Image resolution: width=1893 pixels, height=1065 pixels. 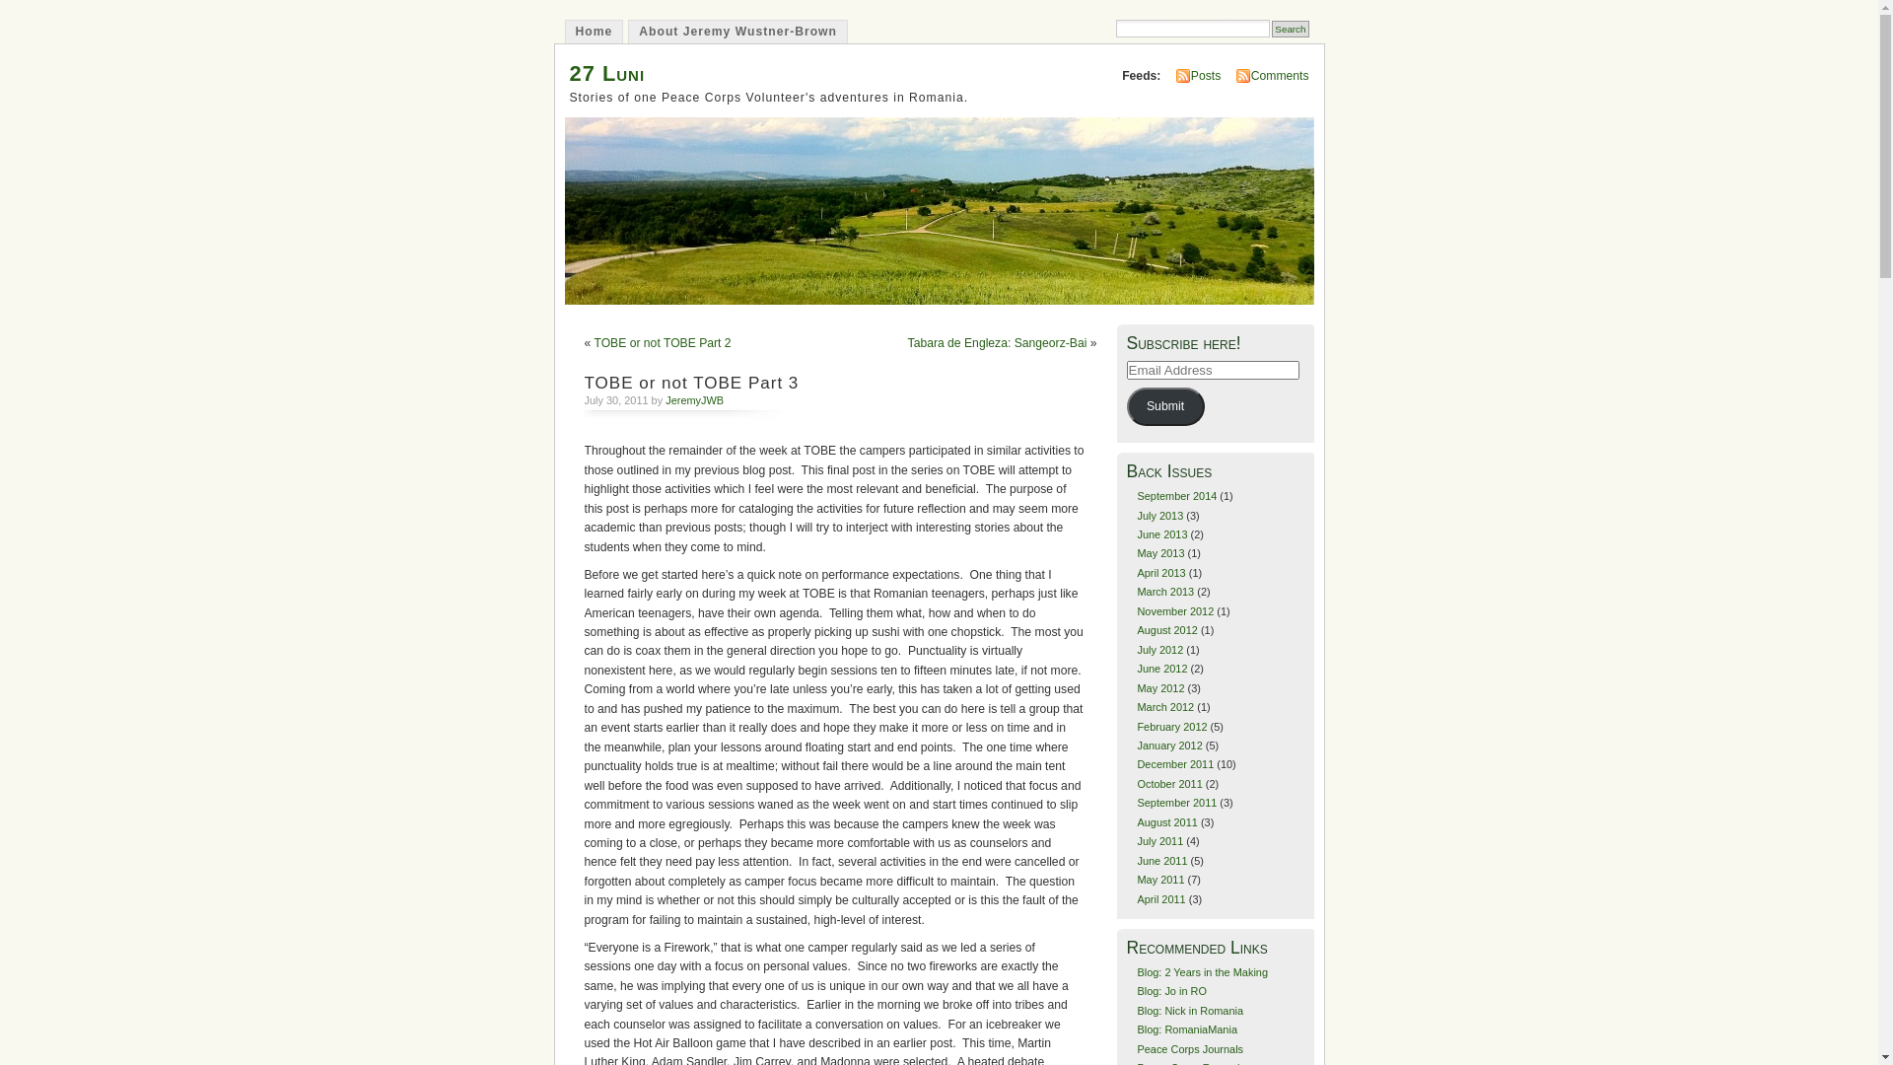 What do you see at coordinates (1201, 971) in the screenshot?
I see `'Blog: 2 Years in the Making'` at bounding box center [1201, 971].